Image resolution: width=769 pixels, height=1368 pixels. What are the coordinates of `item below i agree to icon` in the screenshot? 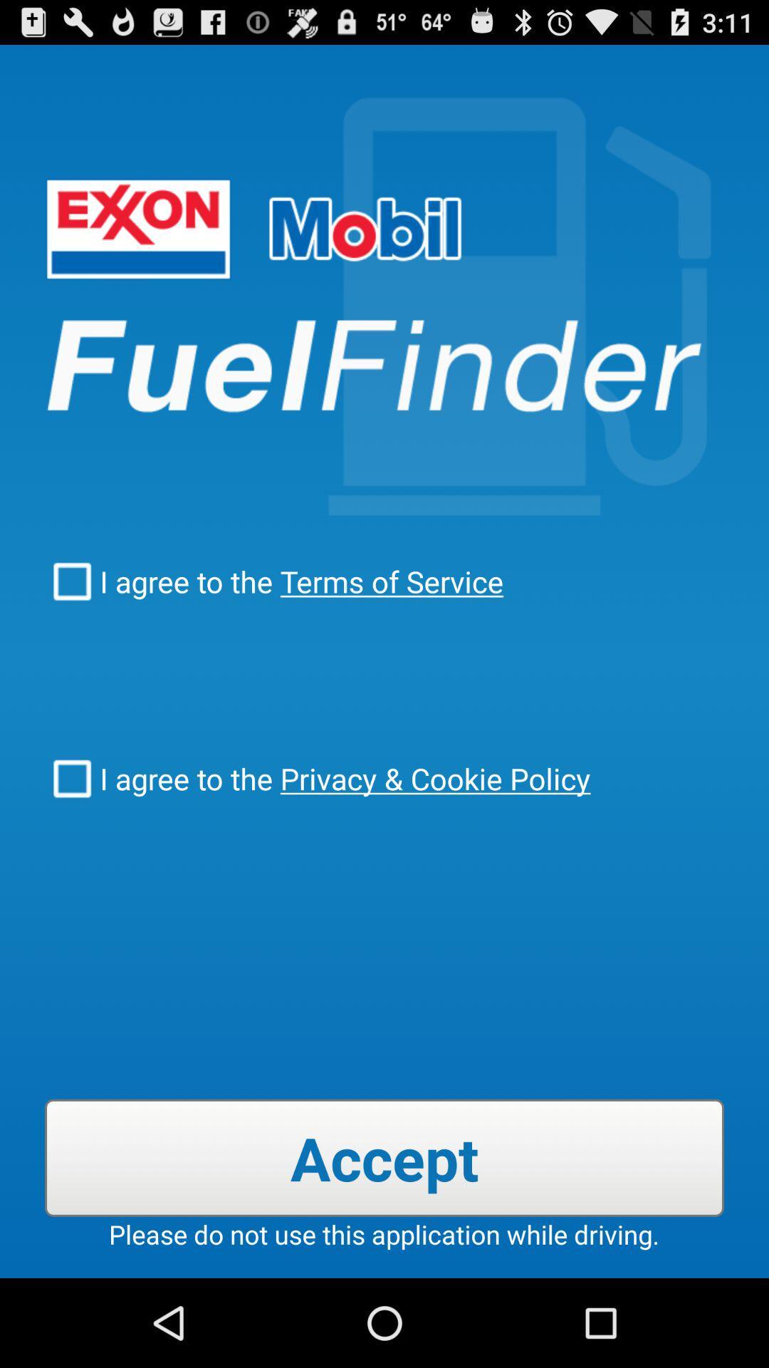 It's located at (384, 1158).